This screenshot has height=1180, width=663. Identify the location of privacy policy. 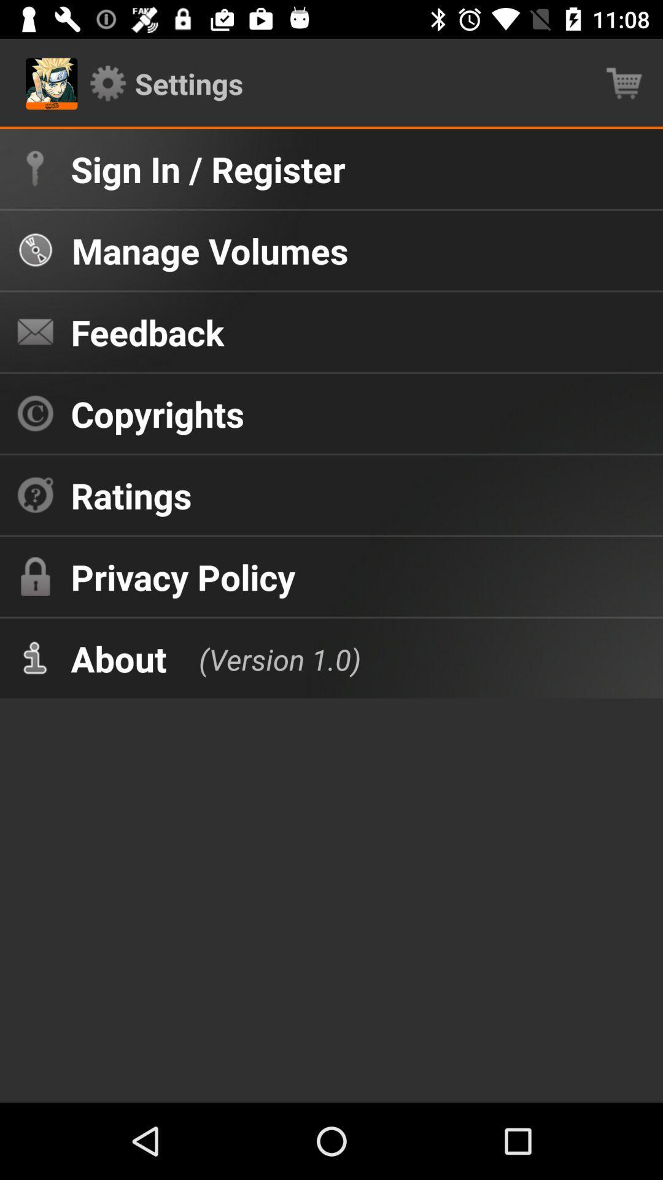
(183, 576).